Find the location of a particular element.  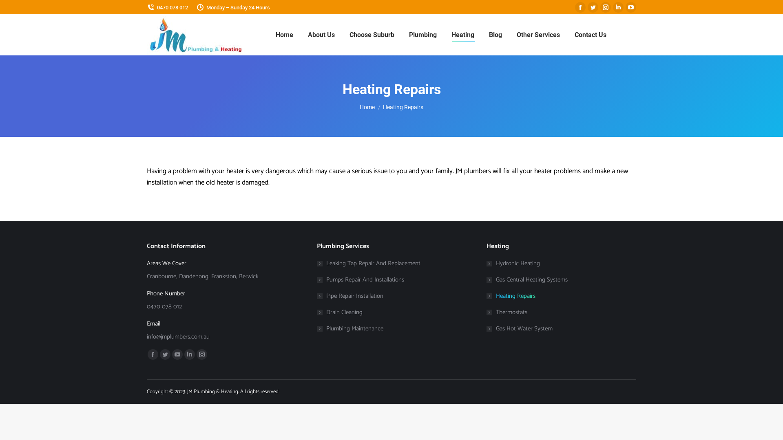

'About Us' is located at coordinates (321, 34).